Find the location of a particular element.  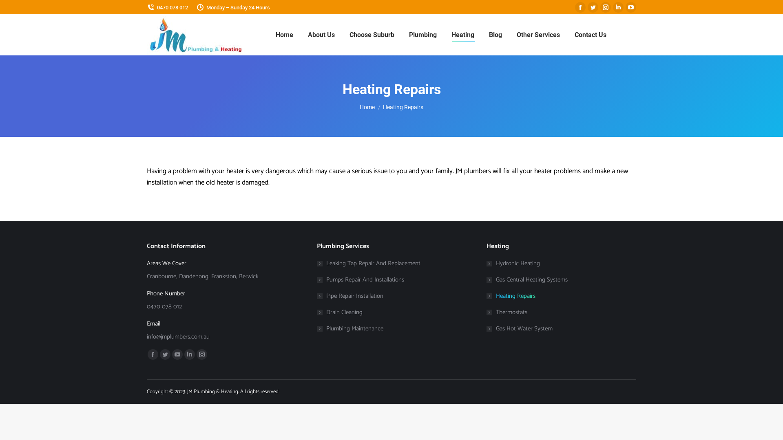

'About Us' is located at coordinates (321, 34).